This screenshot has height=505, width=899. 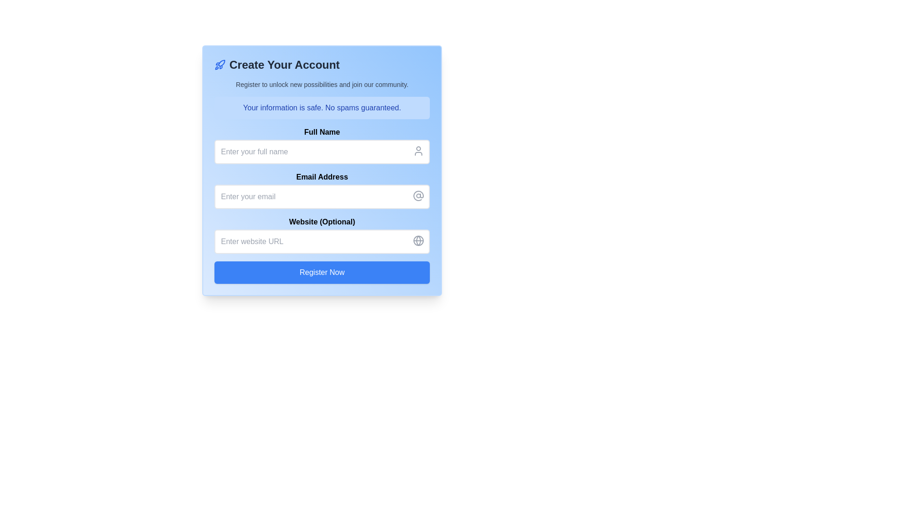 What do you see at coordinates (322, 177) in the screenshot?
I see `the Text Label that informs users about the purpose of the input field for entering an email address, located between the 'Full Name' label and the email input field` at bounding box center [322, 177].